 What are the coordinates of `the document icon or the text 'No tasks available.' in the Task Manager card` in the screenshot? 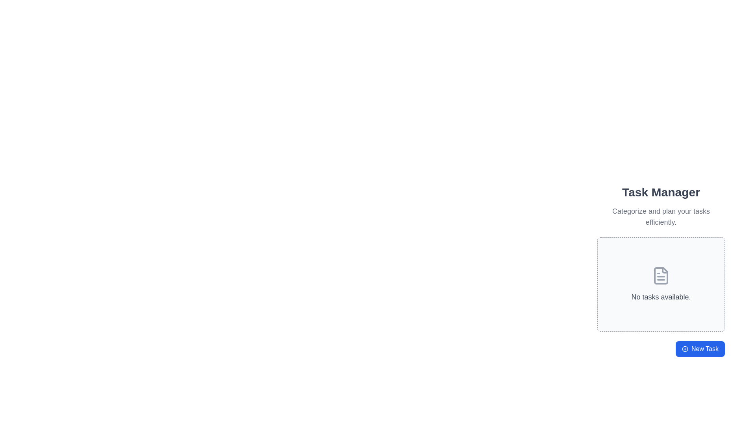 It's located at (661, 282).